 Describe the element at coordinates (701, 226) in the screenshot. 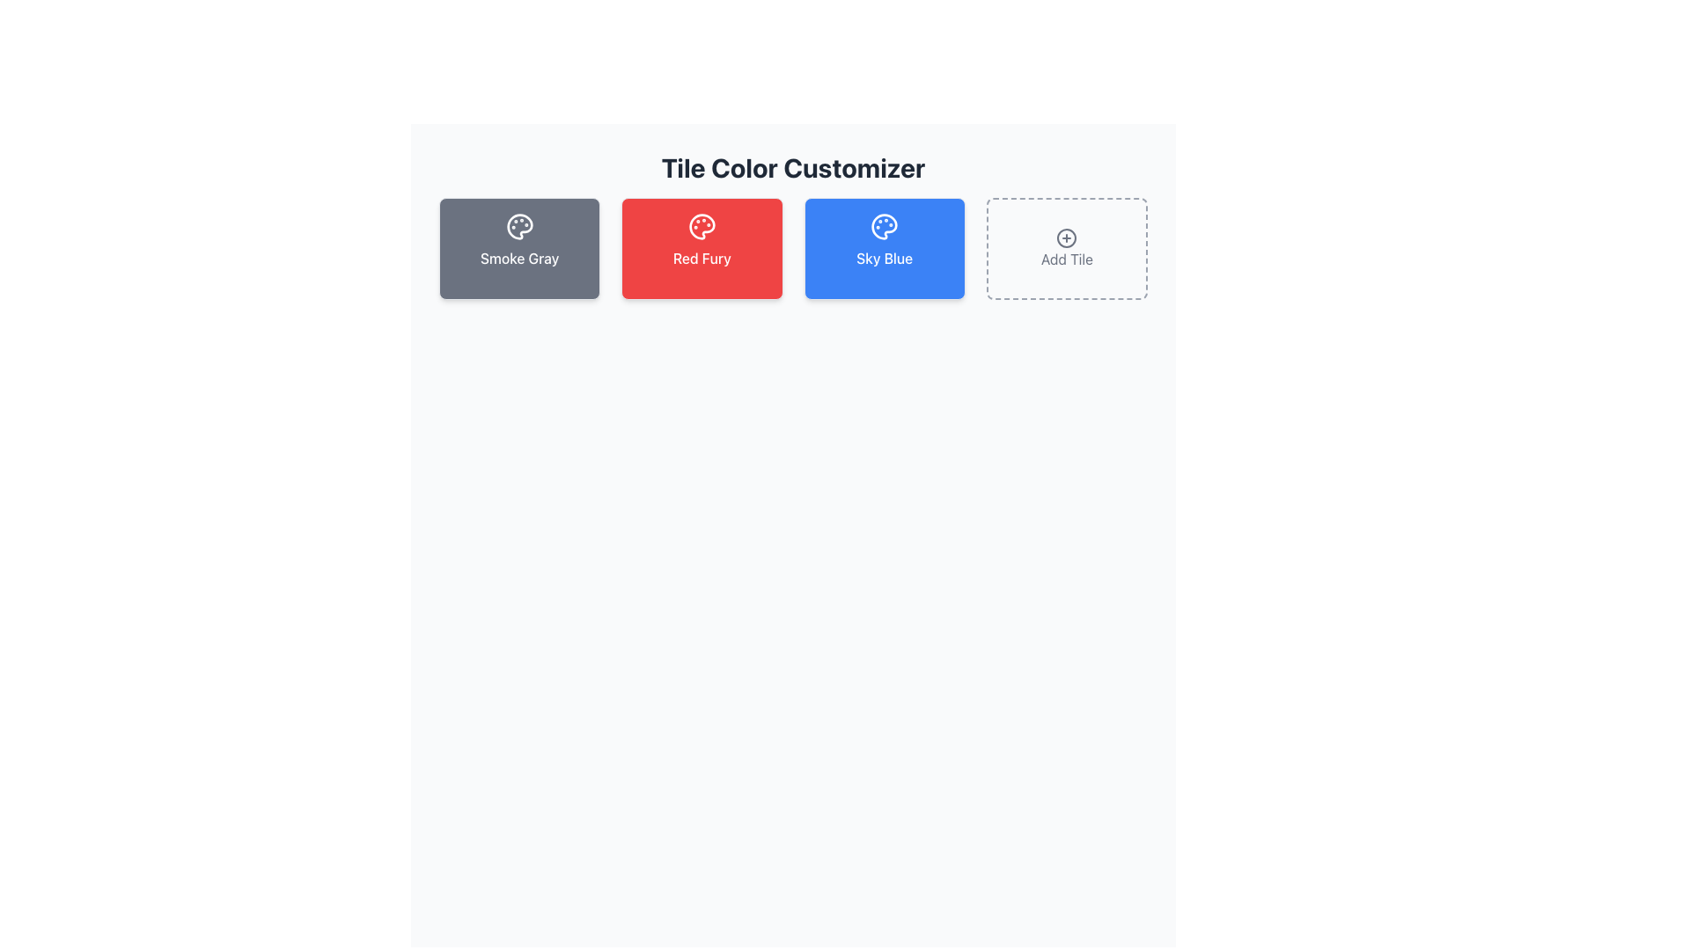

I see `the stylized palette icon located within the red card labeled 'Red Fury', which displays color customization options` at that location.